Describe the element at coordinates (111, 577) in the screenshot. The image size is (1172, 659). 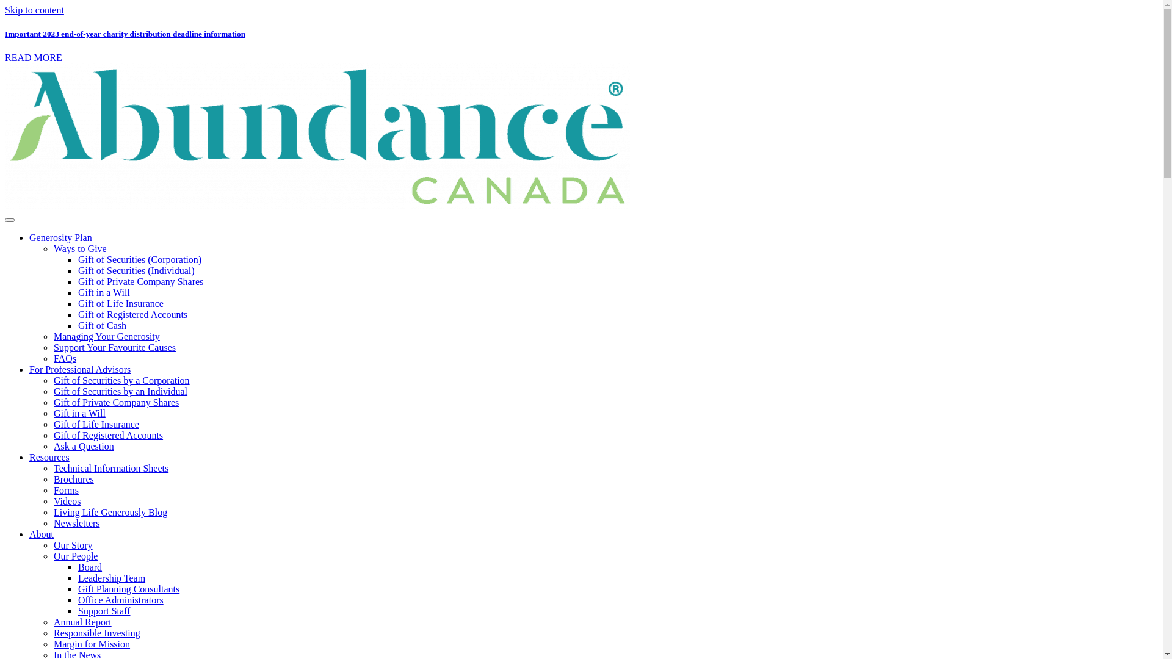
I see `'Leadership Team'` at that location.